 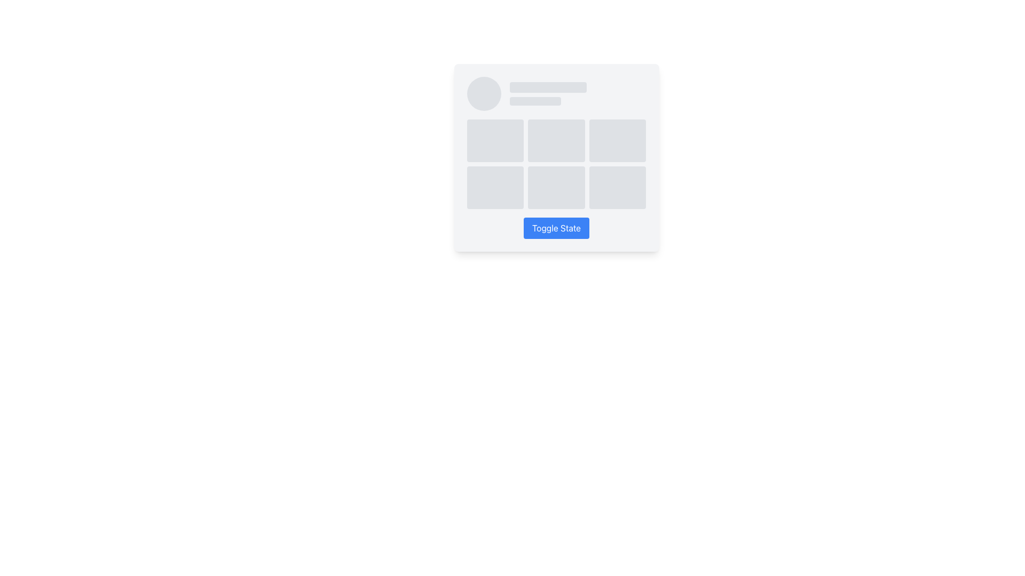 What do you see at coordinates (618, 187) in the screenshot?
I see `the loading indicator placeholder located in the bottom-right corner of a 3x2 grid structure, which indicates a loading state for content` at bounding box center [618, 187].